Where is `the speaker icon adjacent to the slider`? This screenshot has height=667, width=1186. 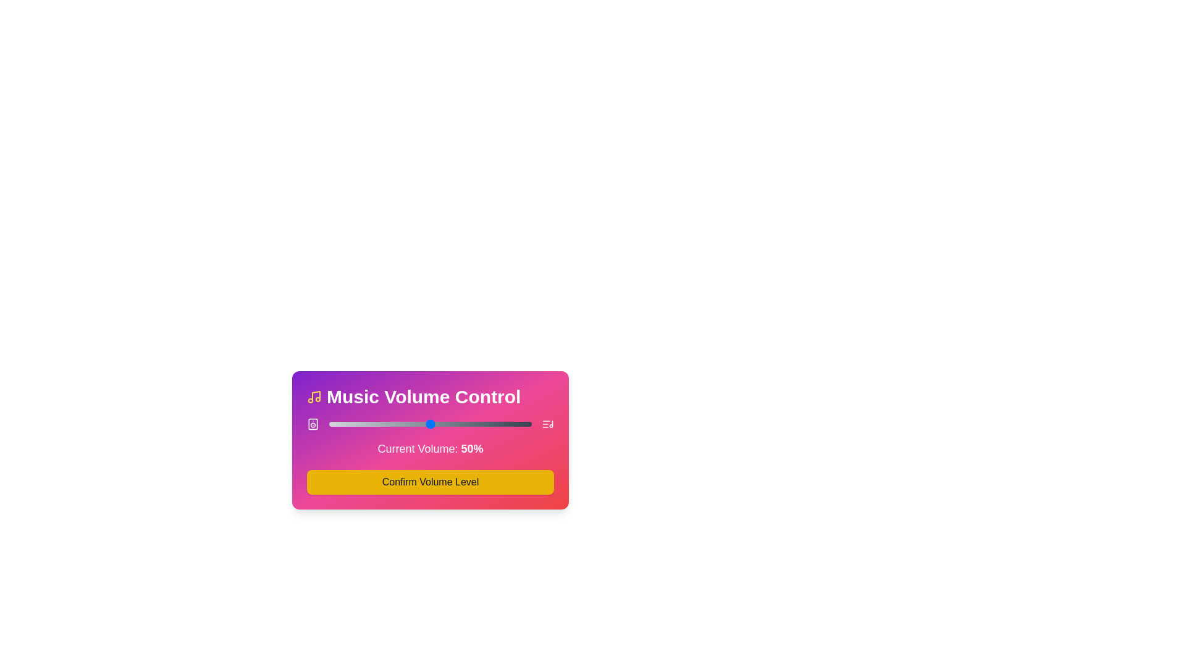 the speaker icon adjacent to the slider is located at coordinates (313, 423).